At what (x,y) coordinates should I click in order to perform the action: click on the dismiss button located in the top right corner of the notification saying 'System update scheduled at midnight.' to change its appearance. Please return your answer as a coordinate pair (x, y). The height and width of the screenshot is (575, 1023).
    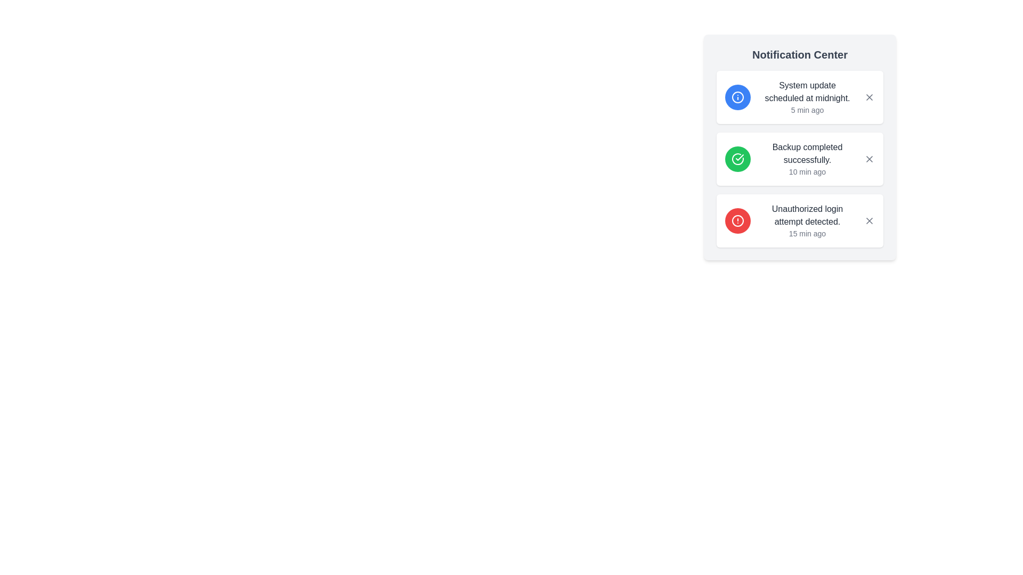
    Looking at the image, I should click on (870, 97).